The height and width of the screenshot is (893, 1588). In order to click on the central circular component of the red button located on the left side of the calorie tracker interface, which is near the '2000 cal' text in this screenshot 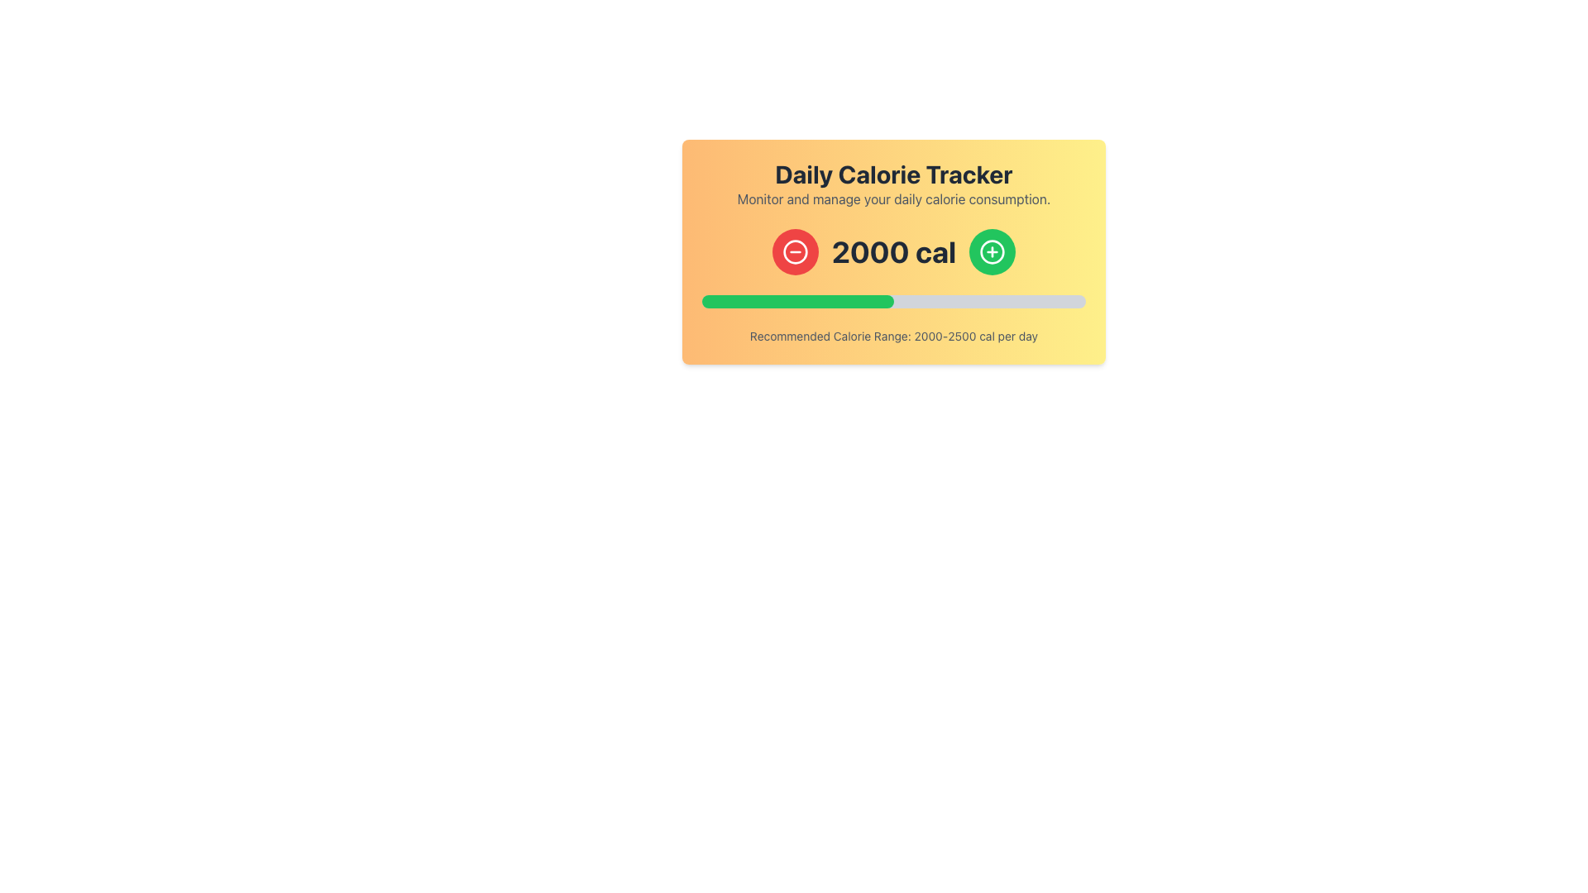, I will do `click(795, 251)`.